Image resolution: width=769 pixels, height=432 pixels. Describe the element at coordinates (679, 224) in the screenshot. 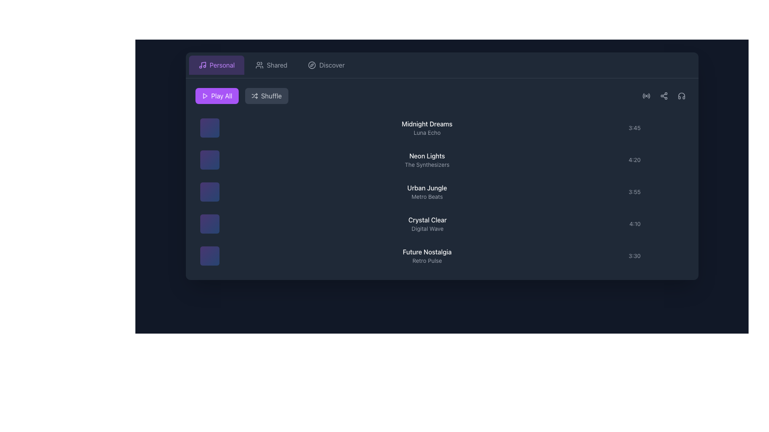

I see `the ellipsis button located to the right of the timestamp '4:10'` at that location.